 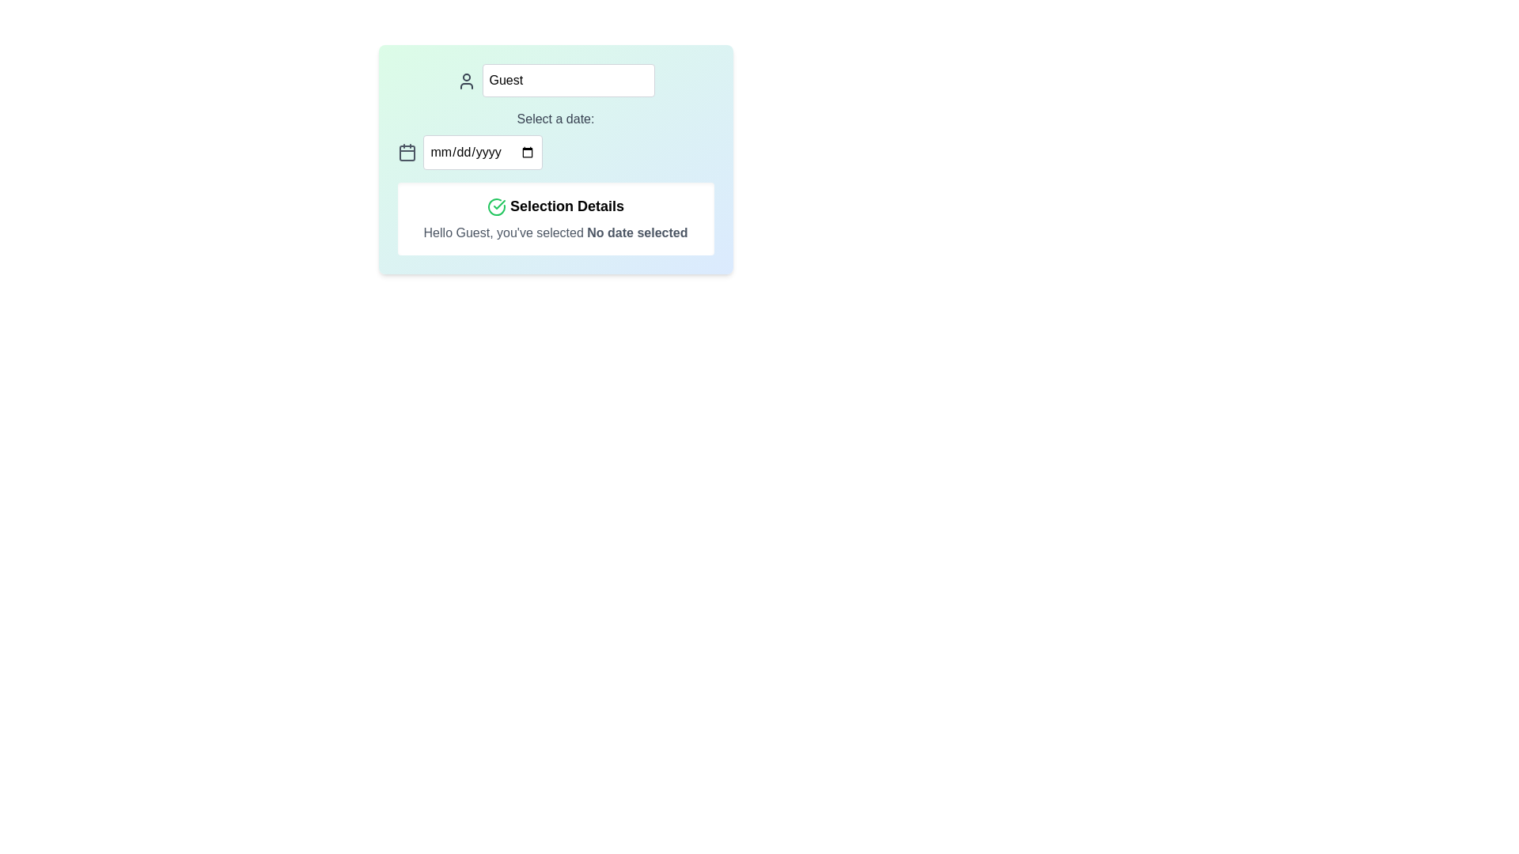 What do you see at coordinates (555, 139) in the screenshot?
I see `a date using the calendar icon in the date picker input field labeled 'Select a date:' positioned above the 'Selection Details' section` at bounding box center [555, 139].